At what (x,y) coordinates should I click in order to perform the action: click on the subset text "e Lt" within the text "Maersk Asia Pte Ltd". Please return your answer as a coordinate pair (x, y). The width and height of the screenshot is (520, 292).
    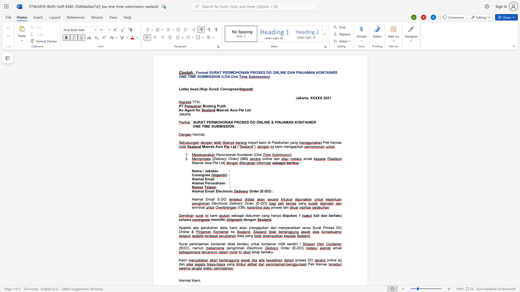
    Looking at the image, I should click on (242, 110).